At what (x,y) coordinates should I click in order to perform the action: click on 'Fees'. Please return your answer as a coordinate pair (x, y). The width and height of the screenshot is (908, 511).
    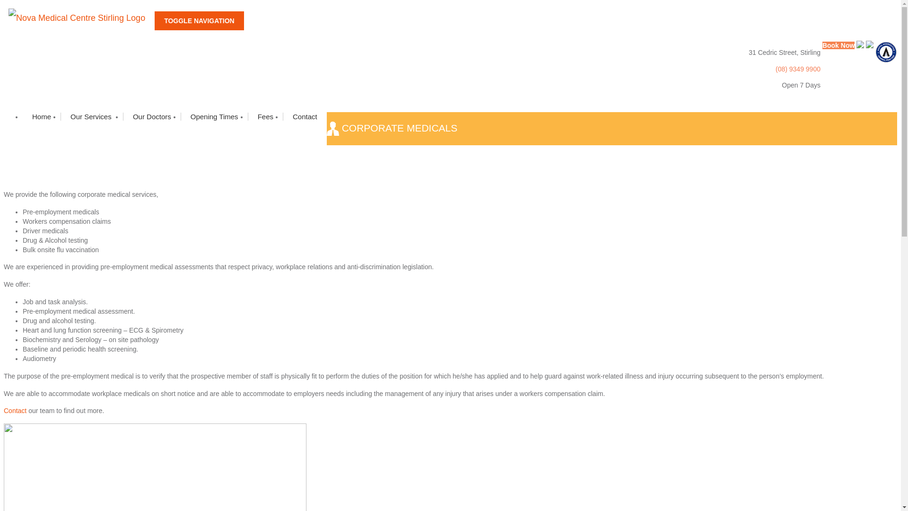
    Looking at the image, I should click on (247, 116).